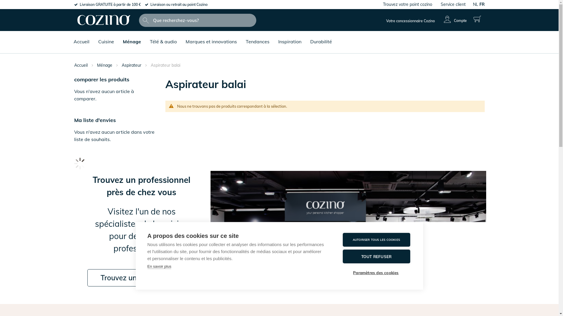 The image size is (563, 316). I want to click on 'Accueil', so click(70, 37).